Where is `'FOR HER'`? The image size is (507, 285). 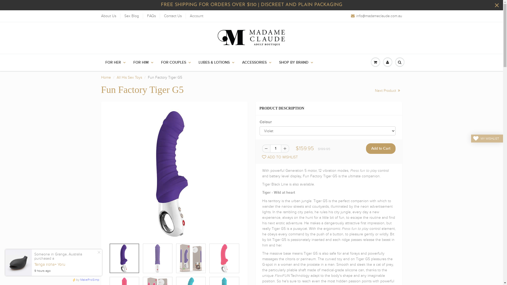 'FOR HER' is located at coordinates (101, 62).